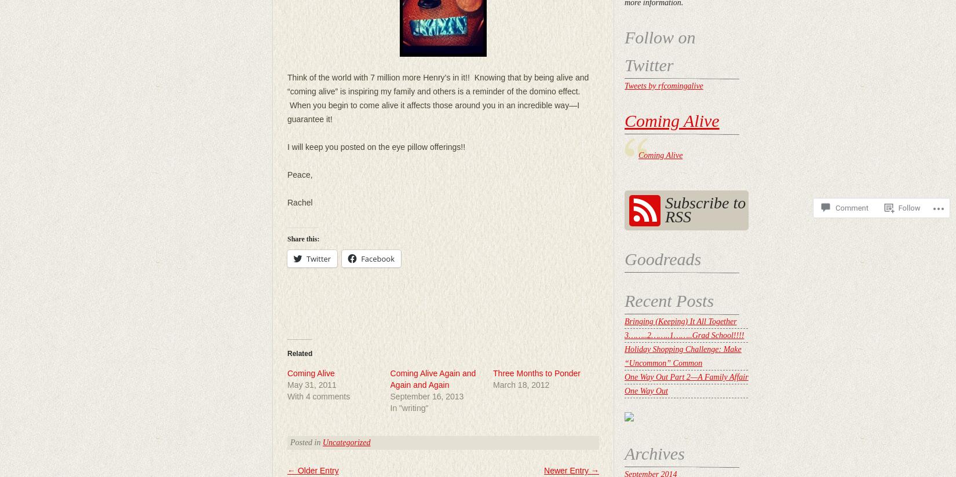 The image size is (956, 477). What do you see at coordinates (659, 50) in the screenshot?
I see `'Follow on Twitter'` at bounding box center [659, 50].